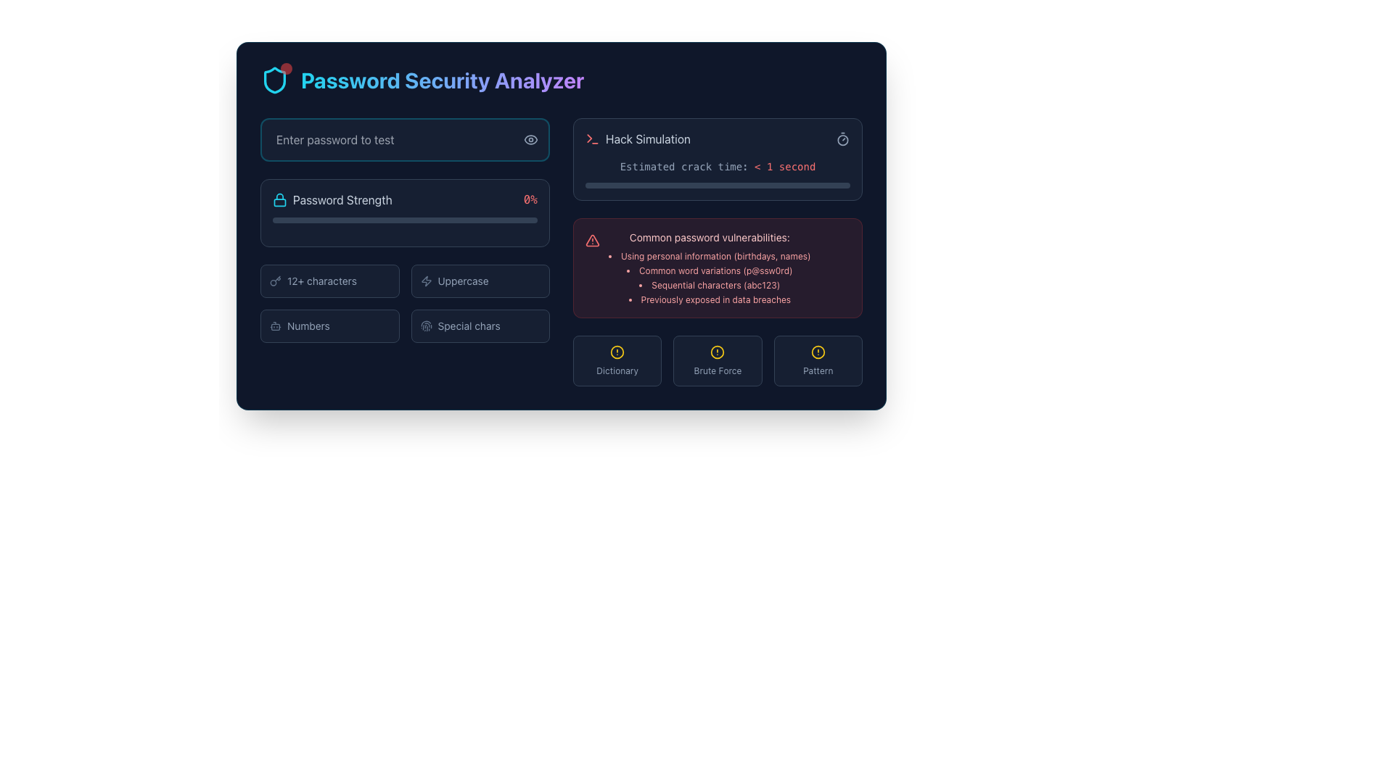  What do you see at coordinates (480, 326) in the screenshot?
I see `the button in the 'Password Security Analyzer' section that indicates the presence or absence of special characters in a password` at bounding box center [480, 326].